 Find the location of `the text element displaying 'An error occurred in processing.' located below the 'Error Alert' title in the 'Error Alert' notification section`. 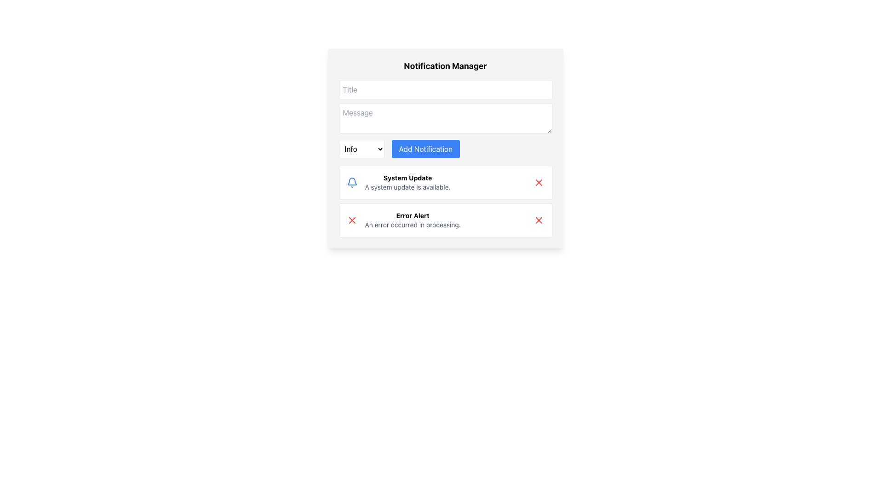

the text element displaying 'An error occurred in processing.' located below the 'Error Alert' title in the 'Error Alert' notification section is located at coordinates (412, 225).